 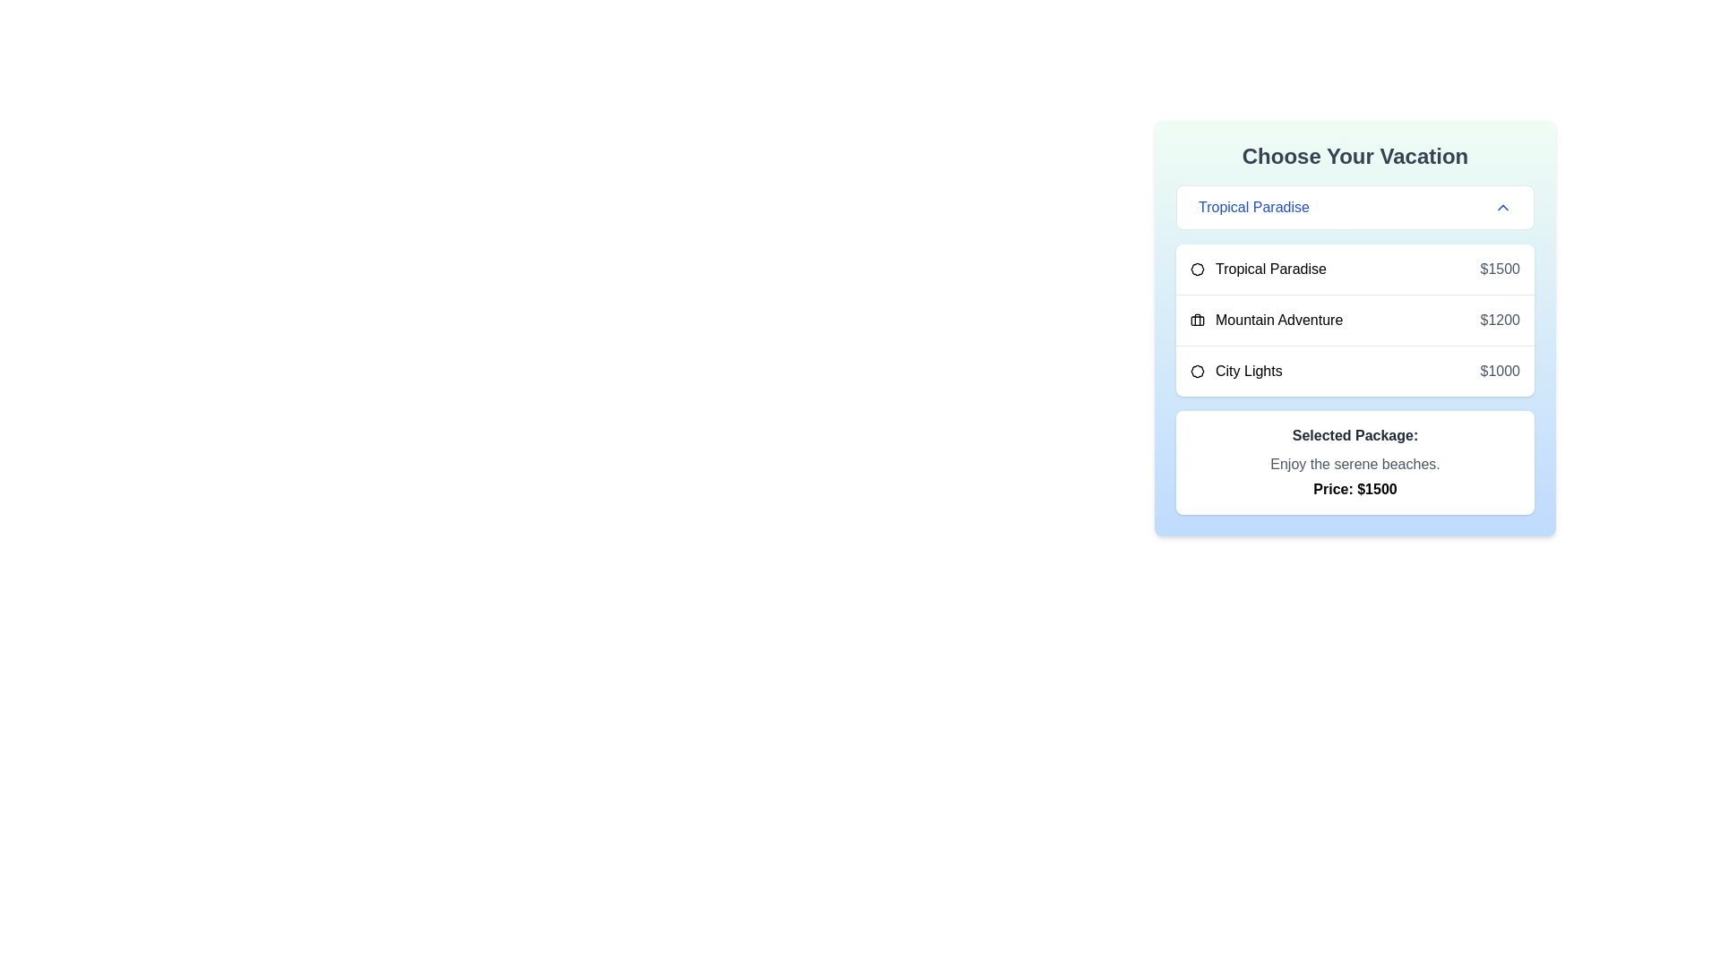 What do you see at coordinates (1354, 464) in the screenshot?
I see `the text block that provides supplementary details about the selected vacation package, positioned between 'Selected Package:' and 'Price: $1500'` at bounding box center [1354, 464].